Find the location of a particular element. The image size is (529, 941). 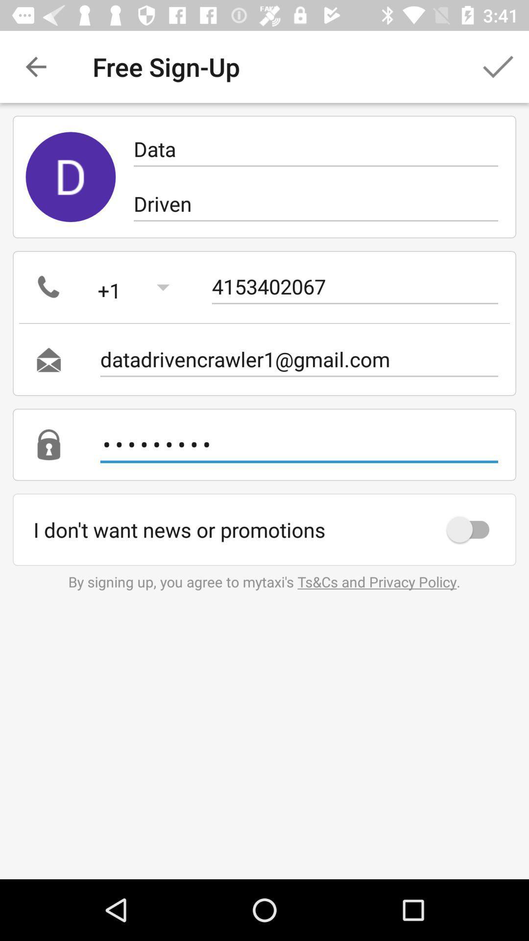

the item above data is located at coordinates (498, 66).